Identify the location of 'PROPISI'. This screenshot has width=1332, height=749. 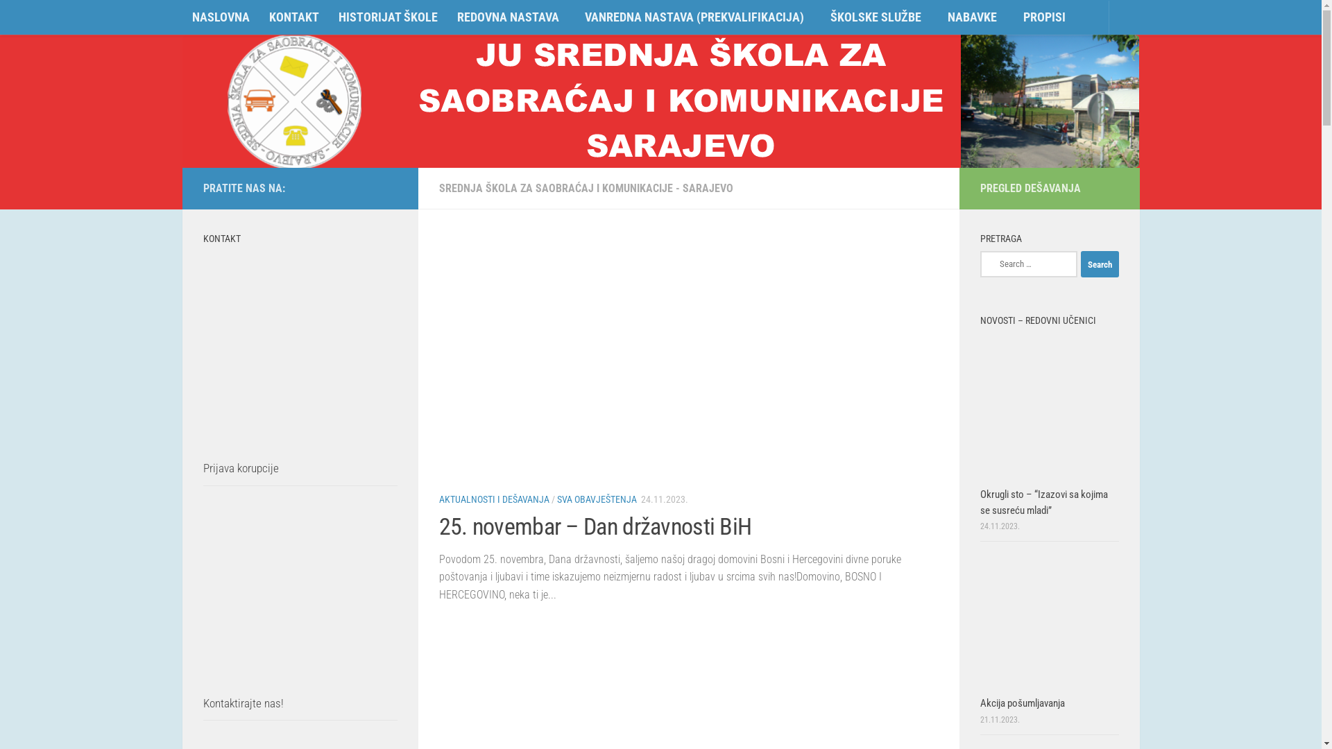
(1044, 17).